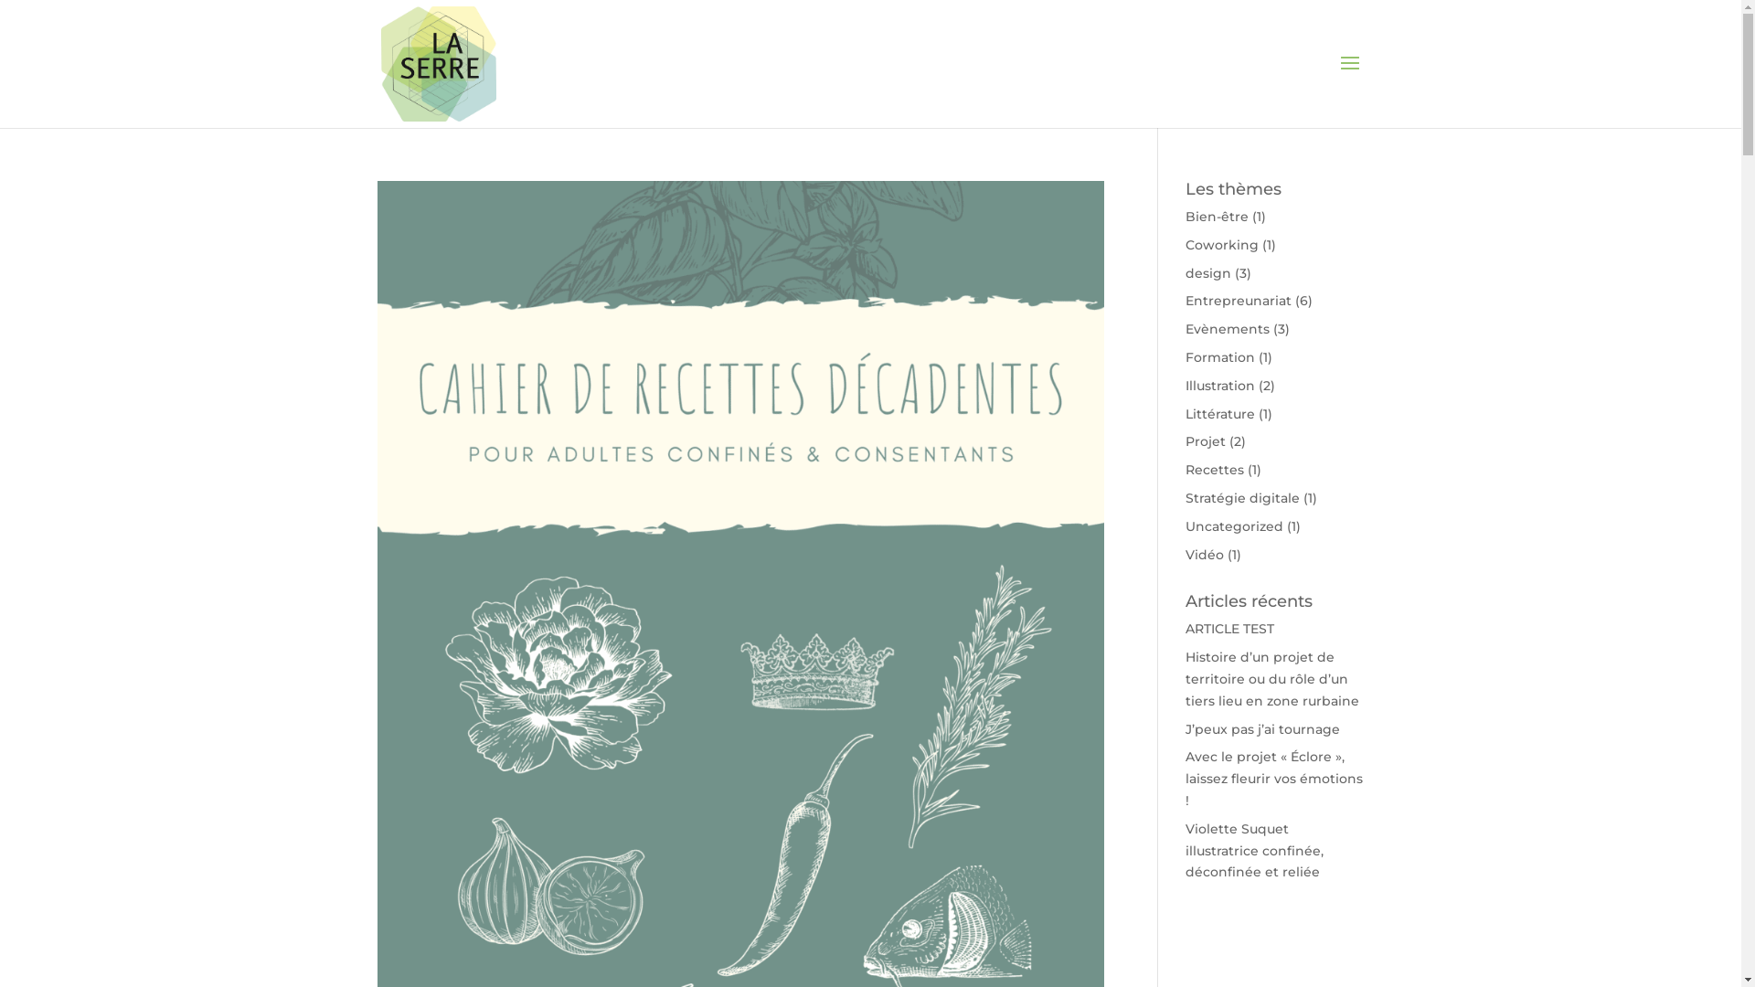 The image size is (1755, 987). Describe the element at coordinates (1219, 384) in the screenshot. I see `'Illustration'` at that location.